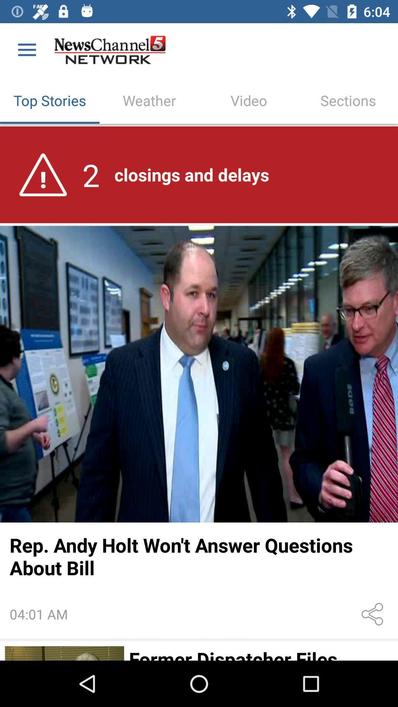 The width and height of the screenshot is (398, 707). What do you see at coordinates (374, 614) in the screenshot?
I see `share the article` at bounding box center [374, 614].